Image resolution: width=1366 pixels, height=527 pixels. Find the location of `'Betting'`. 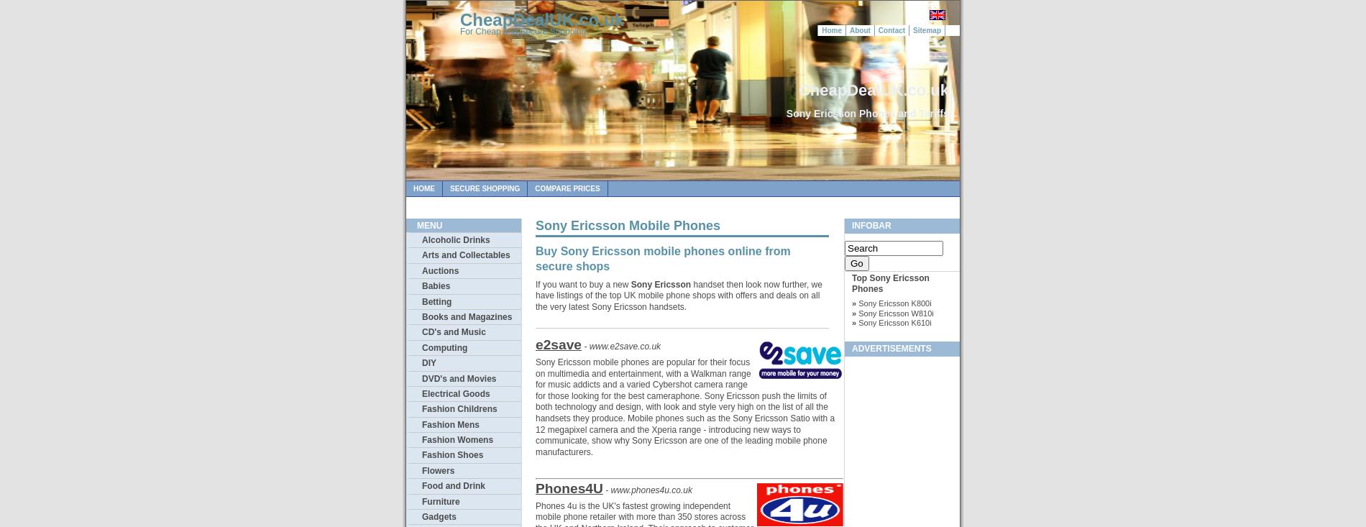

'Betting' is located at coordinates (436, 301).